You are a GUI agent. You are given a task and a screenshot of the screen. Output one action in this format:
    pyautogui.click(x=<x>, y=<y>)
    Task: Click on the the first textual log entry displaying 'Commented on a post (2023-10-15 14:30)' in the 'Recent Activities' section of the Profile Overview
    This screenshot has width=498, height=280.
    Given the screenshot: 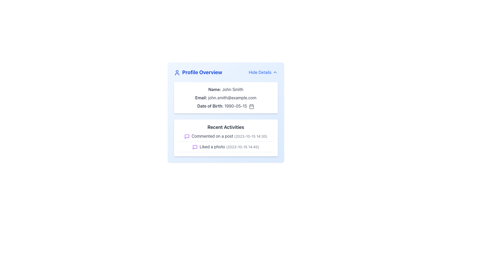 What is the action you would take?
    pyautogui.click(x=226, y=137)
    